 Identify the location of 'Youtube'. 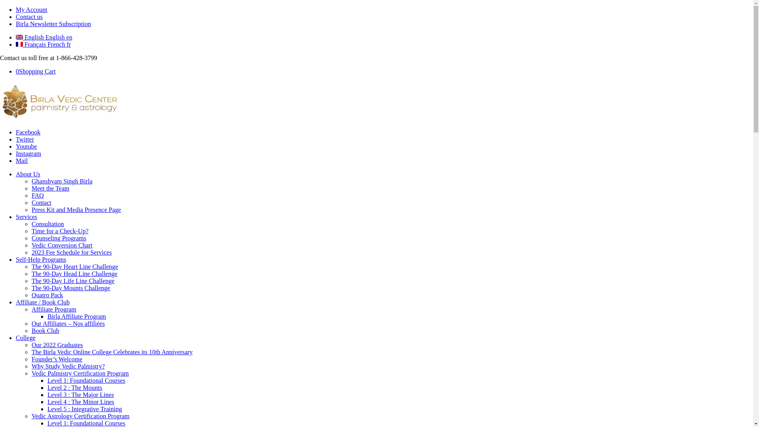
(26, 146).